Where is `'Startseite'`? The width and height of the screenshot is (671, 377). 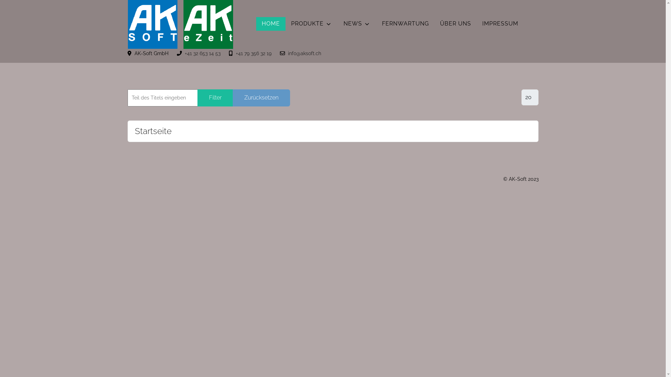
'Startseite' is located at coordinates (153, 131).